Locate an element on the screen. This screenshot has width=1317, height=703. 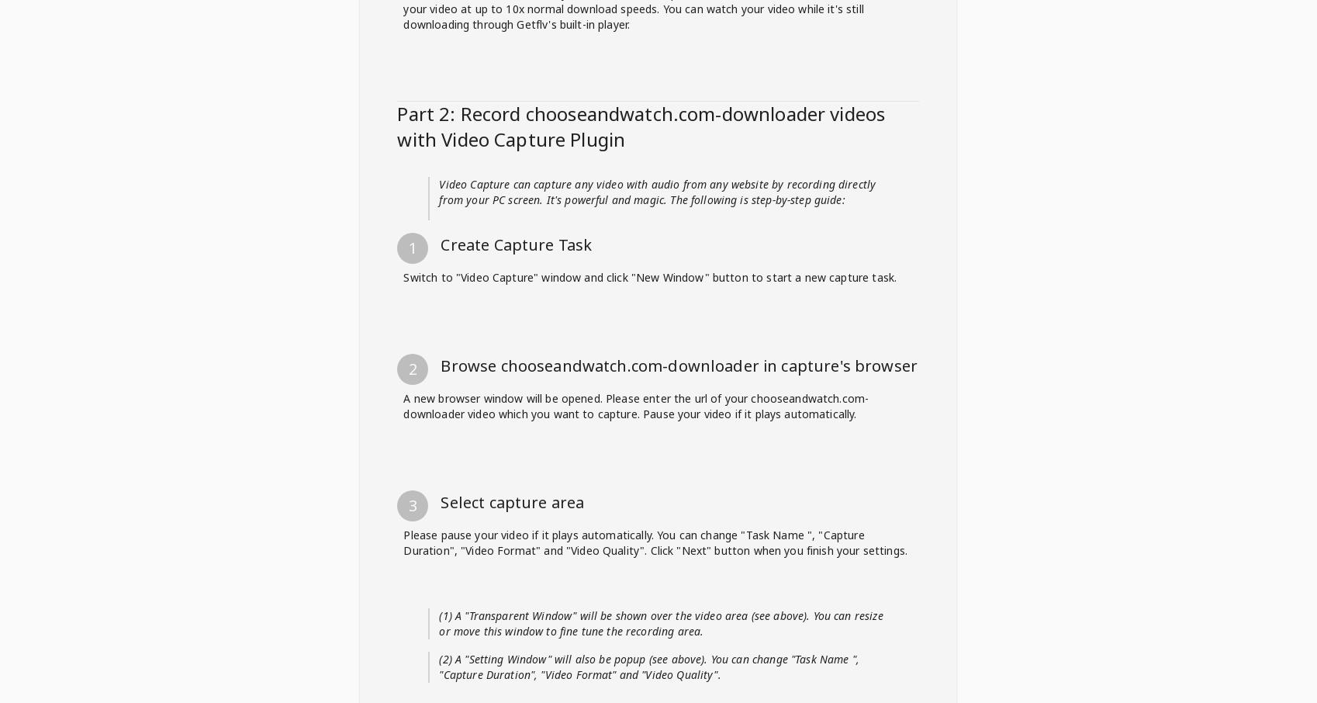
'In "FLV Downloader" window, you can monitor the process of the download. Getflv can download your video at up to 10x normal download speeds. You can watch your video while it's still downloading through Getflv's built-in player.' is located at coordinates (656, 455).